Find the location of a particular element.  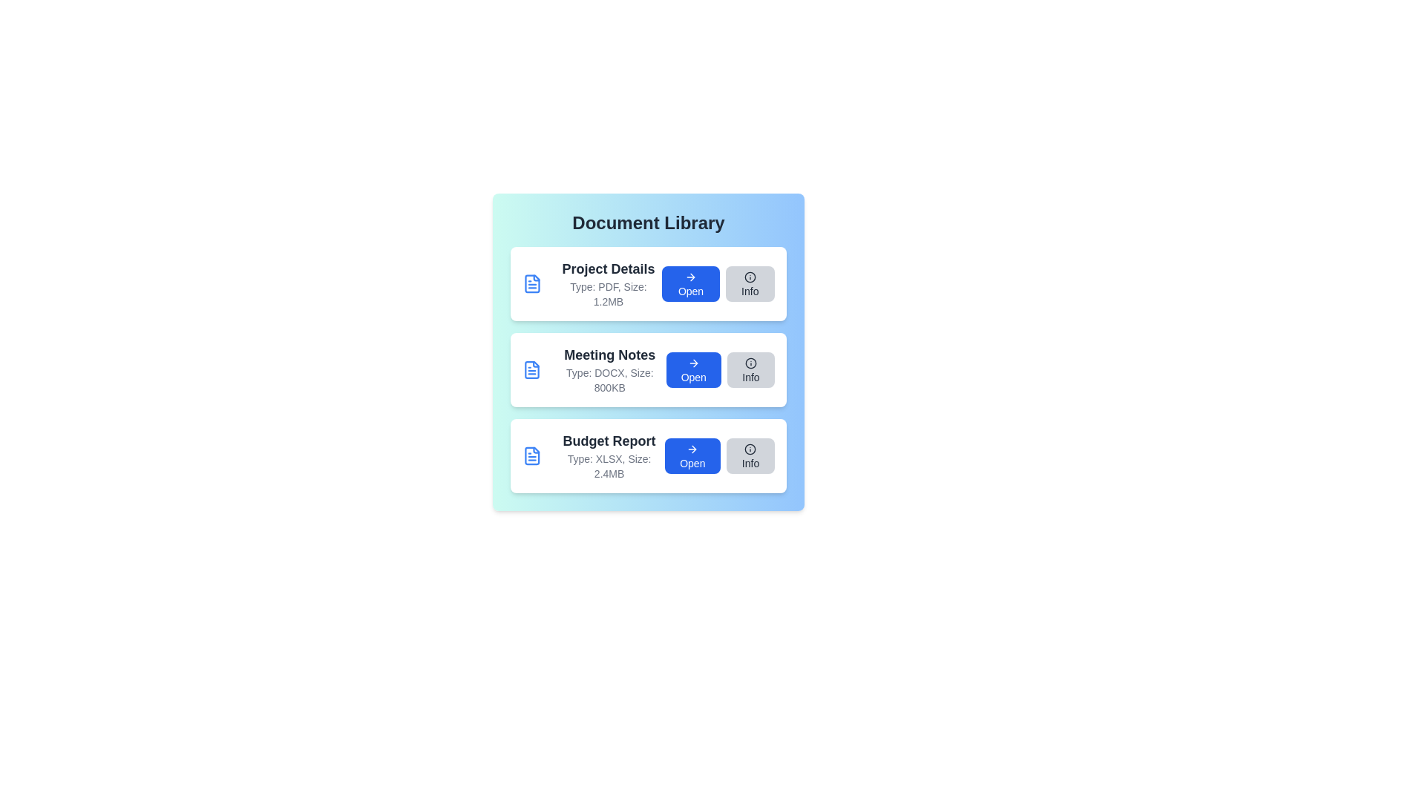

the document card corresponding to Project Details is located at coordinates (648, 283).